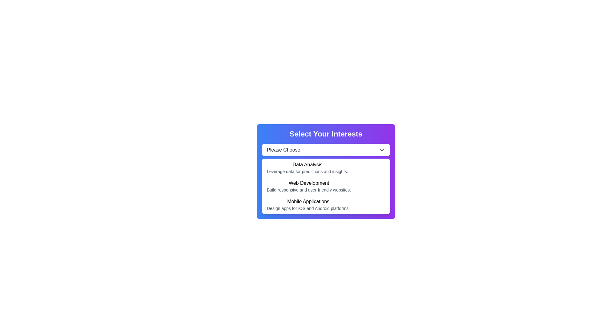 The image size is (591, 332). I want to click on the selectable list item titled 'Web Development' which is the second item in the dropdown under 'Select Your Interests', so click(326, 186).